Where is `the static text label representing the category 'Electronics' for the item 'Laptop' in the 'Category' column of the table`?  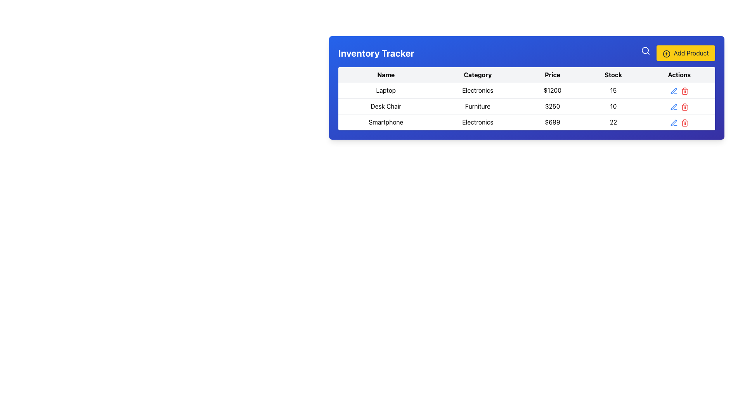
the static text label representing the category 'Electronics' for the item 'Laptop' in the 'Category' column of the table is located at coordinates (477, 90).